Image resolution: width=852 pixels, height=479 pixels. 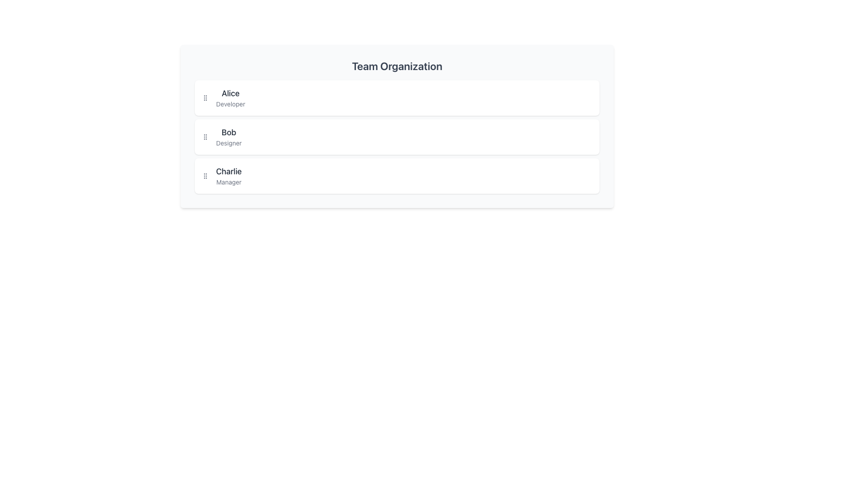 I want to click on the gray text label that indicates 'Manager', located directly below the name 'Charlie', so click(x=229, y=182).